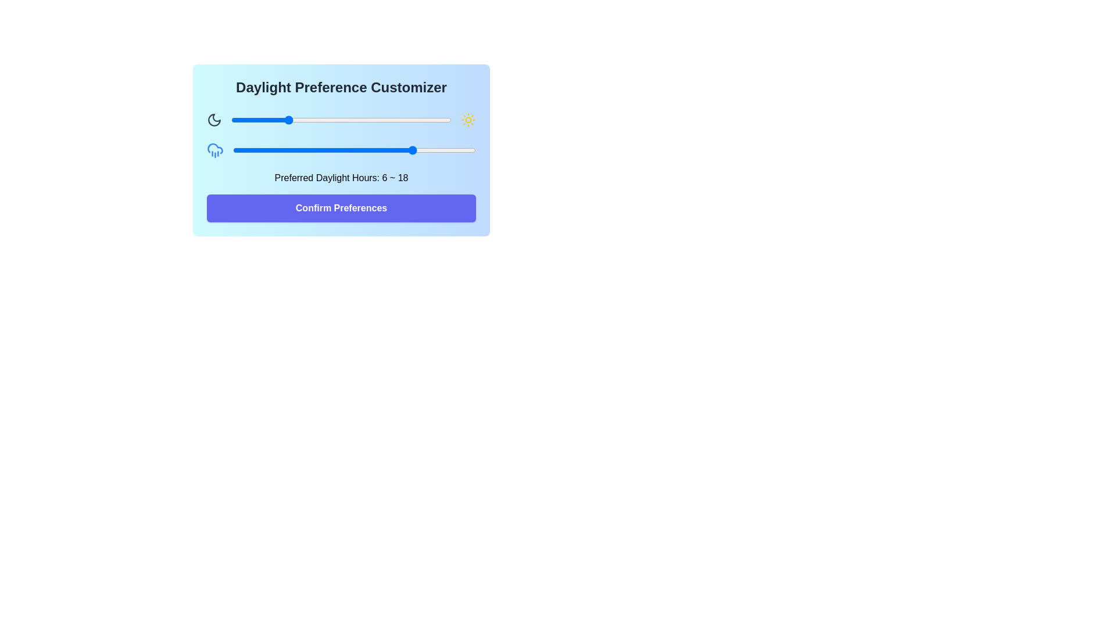 The width and height of the screenshot is (1116, 627). What do you see at coordinates (364, 149) in the screenshot?
I see `the preferred daylight hours` at bounding box center [364, 149].